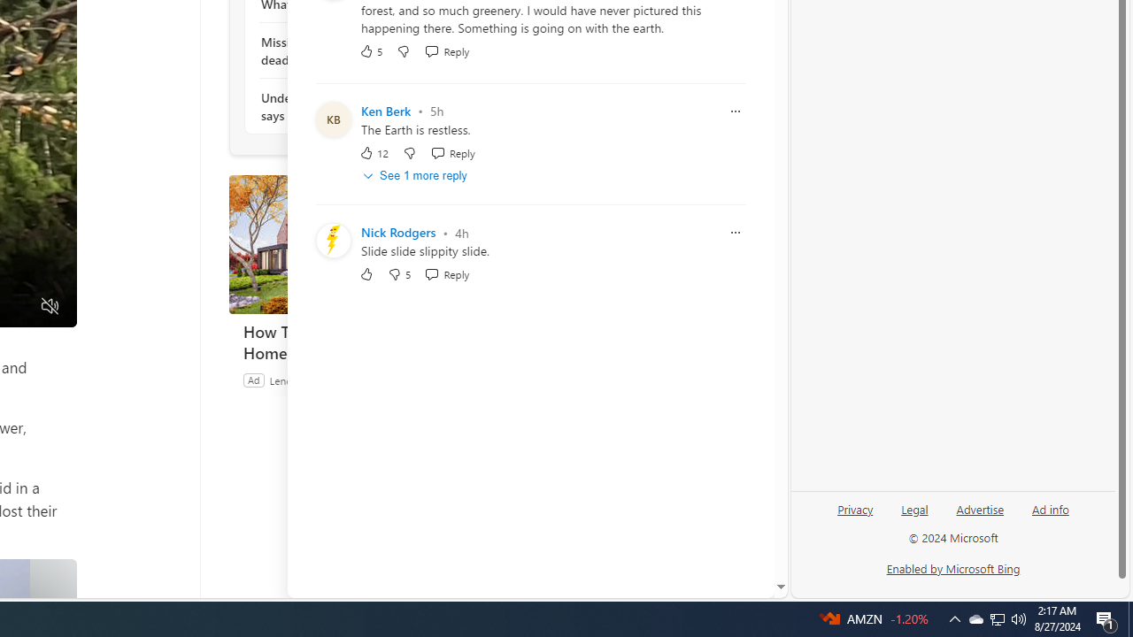  What do you see at coordinates (397, 232) in the screenshot?
I see `'Nick Rodgers'` at bounding box center [397, 232].